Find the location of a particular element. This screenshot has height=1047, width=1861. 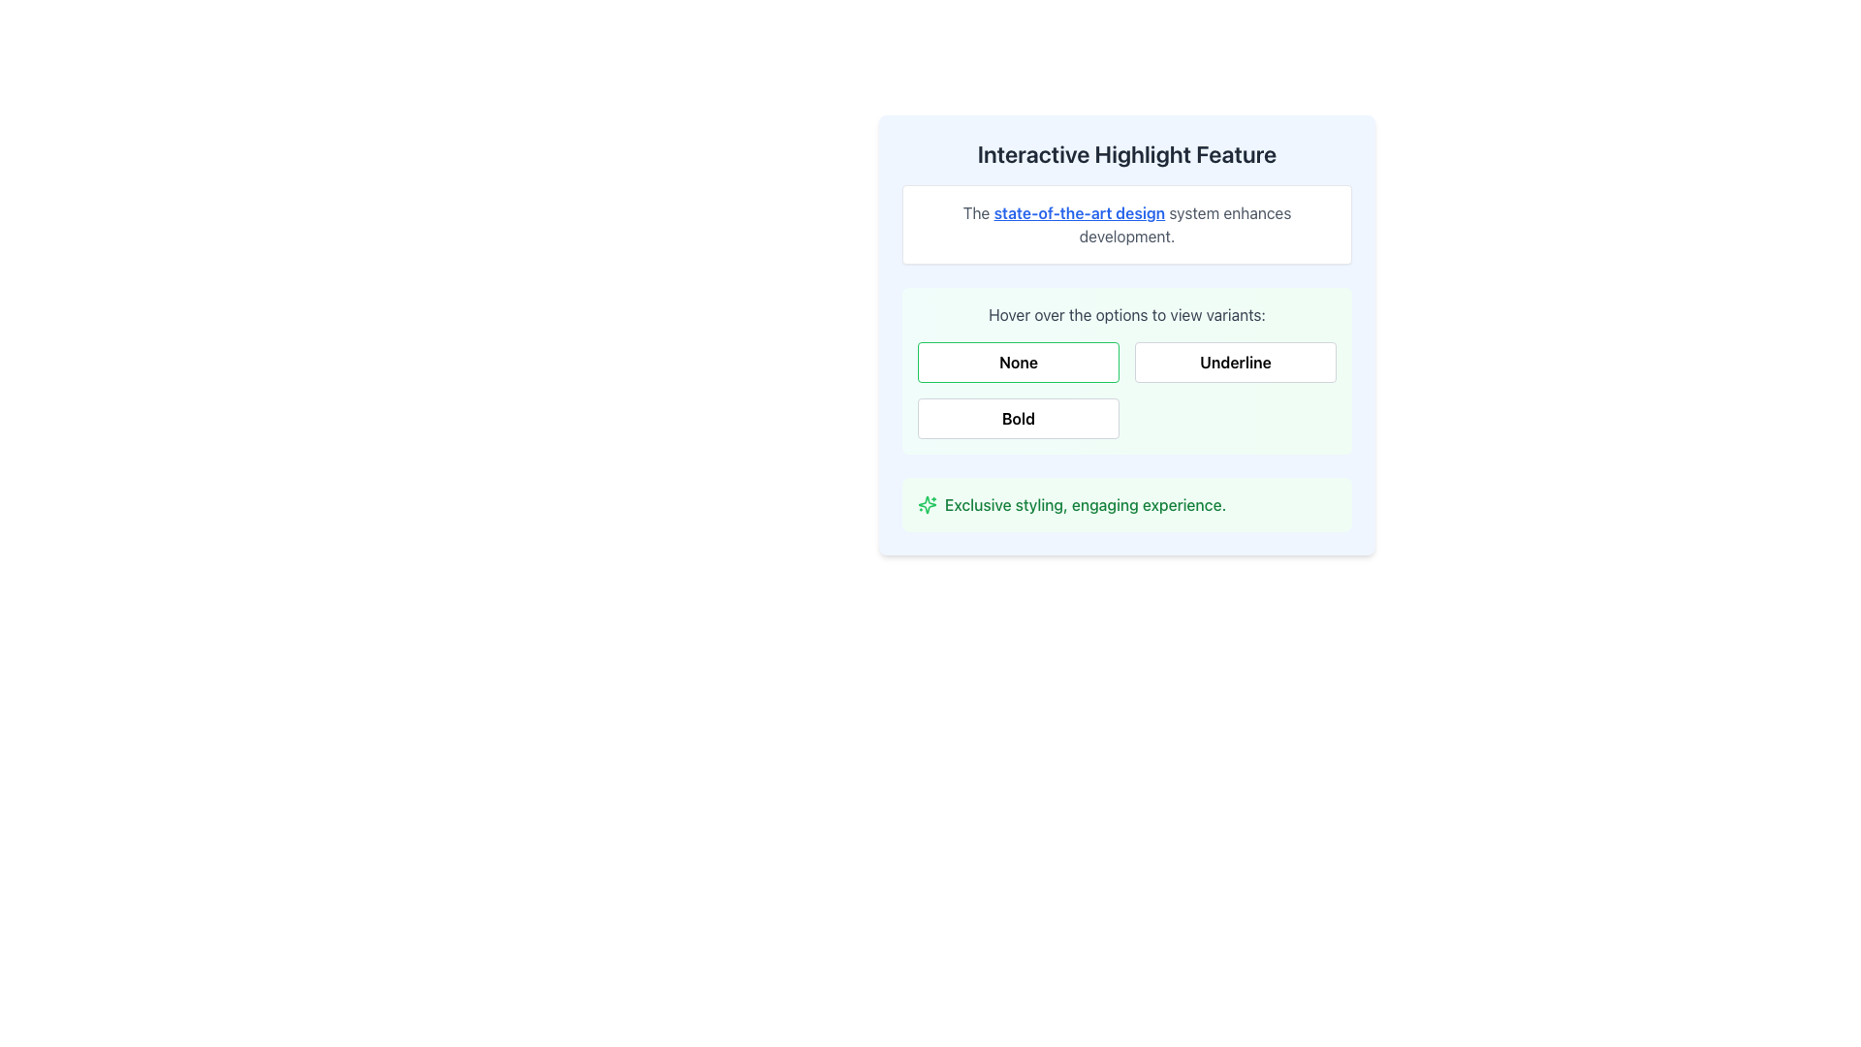

the Text Label that reads 'Exclusive styling, engaging experience.' styled in green, located at the bottom section of a green-highlighted box, next to a green decorative icon is located at coordinates (1086, 503).